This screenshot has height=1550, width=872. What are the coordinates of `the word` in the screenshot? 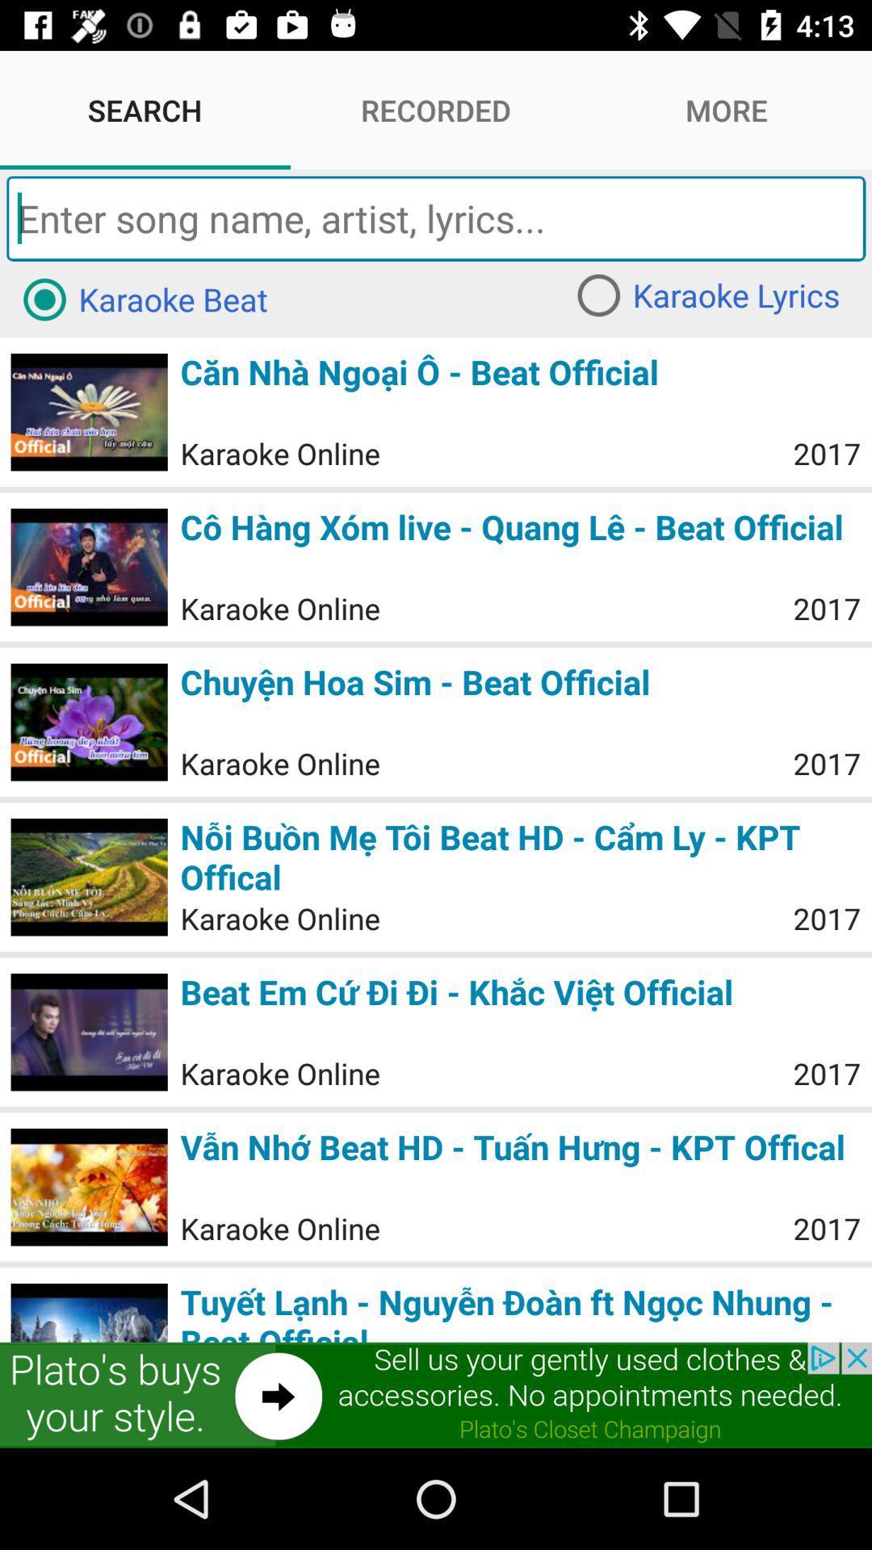 It's located at (436, 217).